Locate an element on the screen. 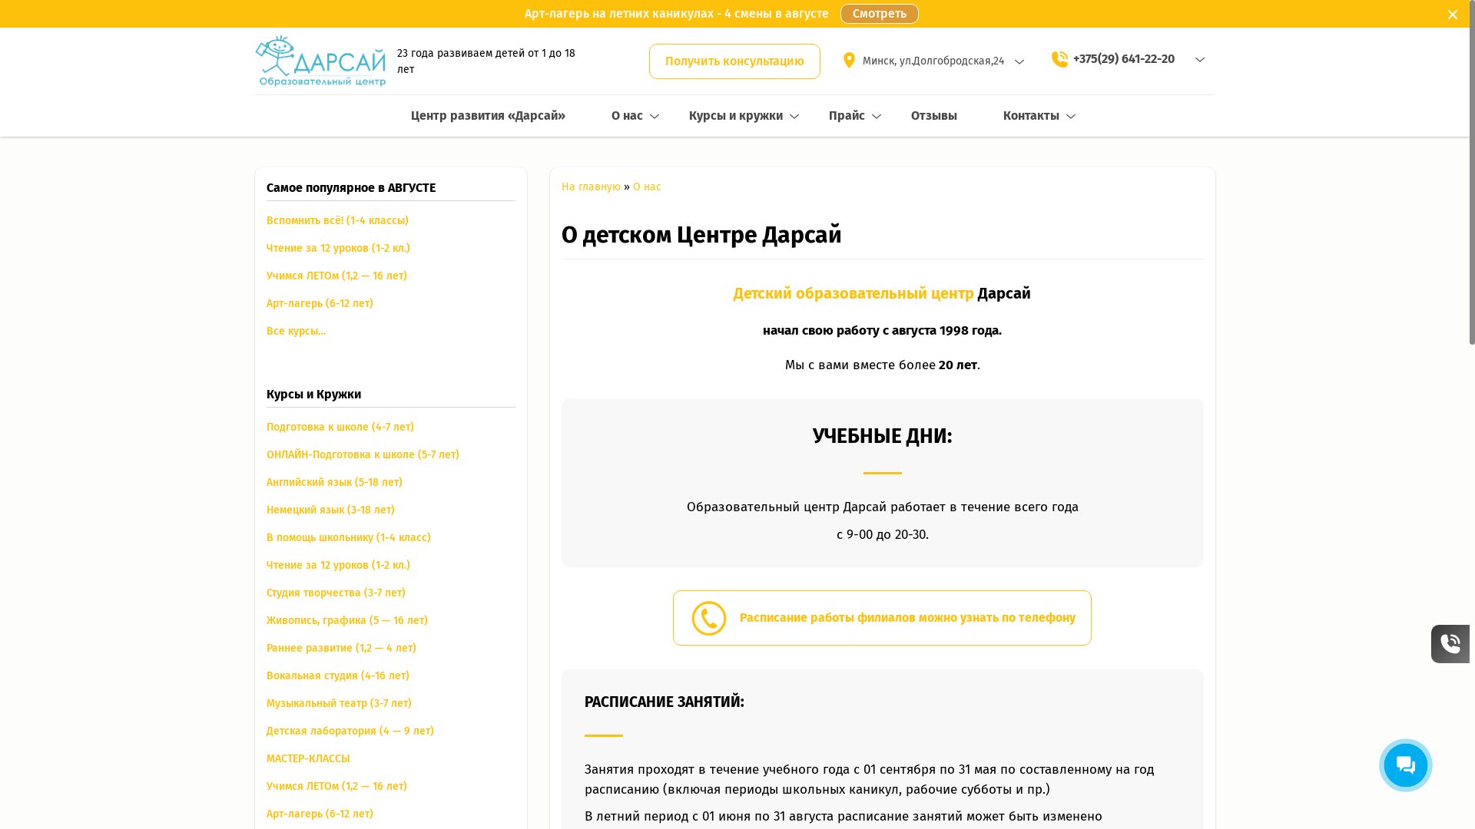  'darsay' is located at coordinates (320, 60).